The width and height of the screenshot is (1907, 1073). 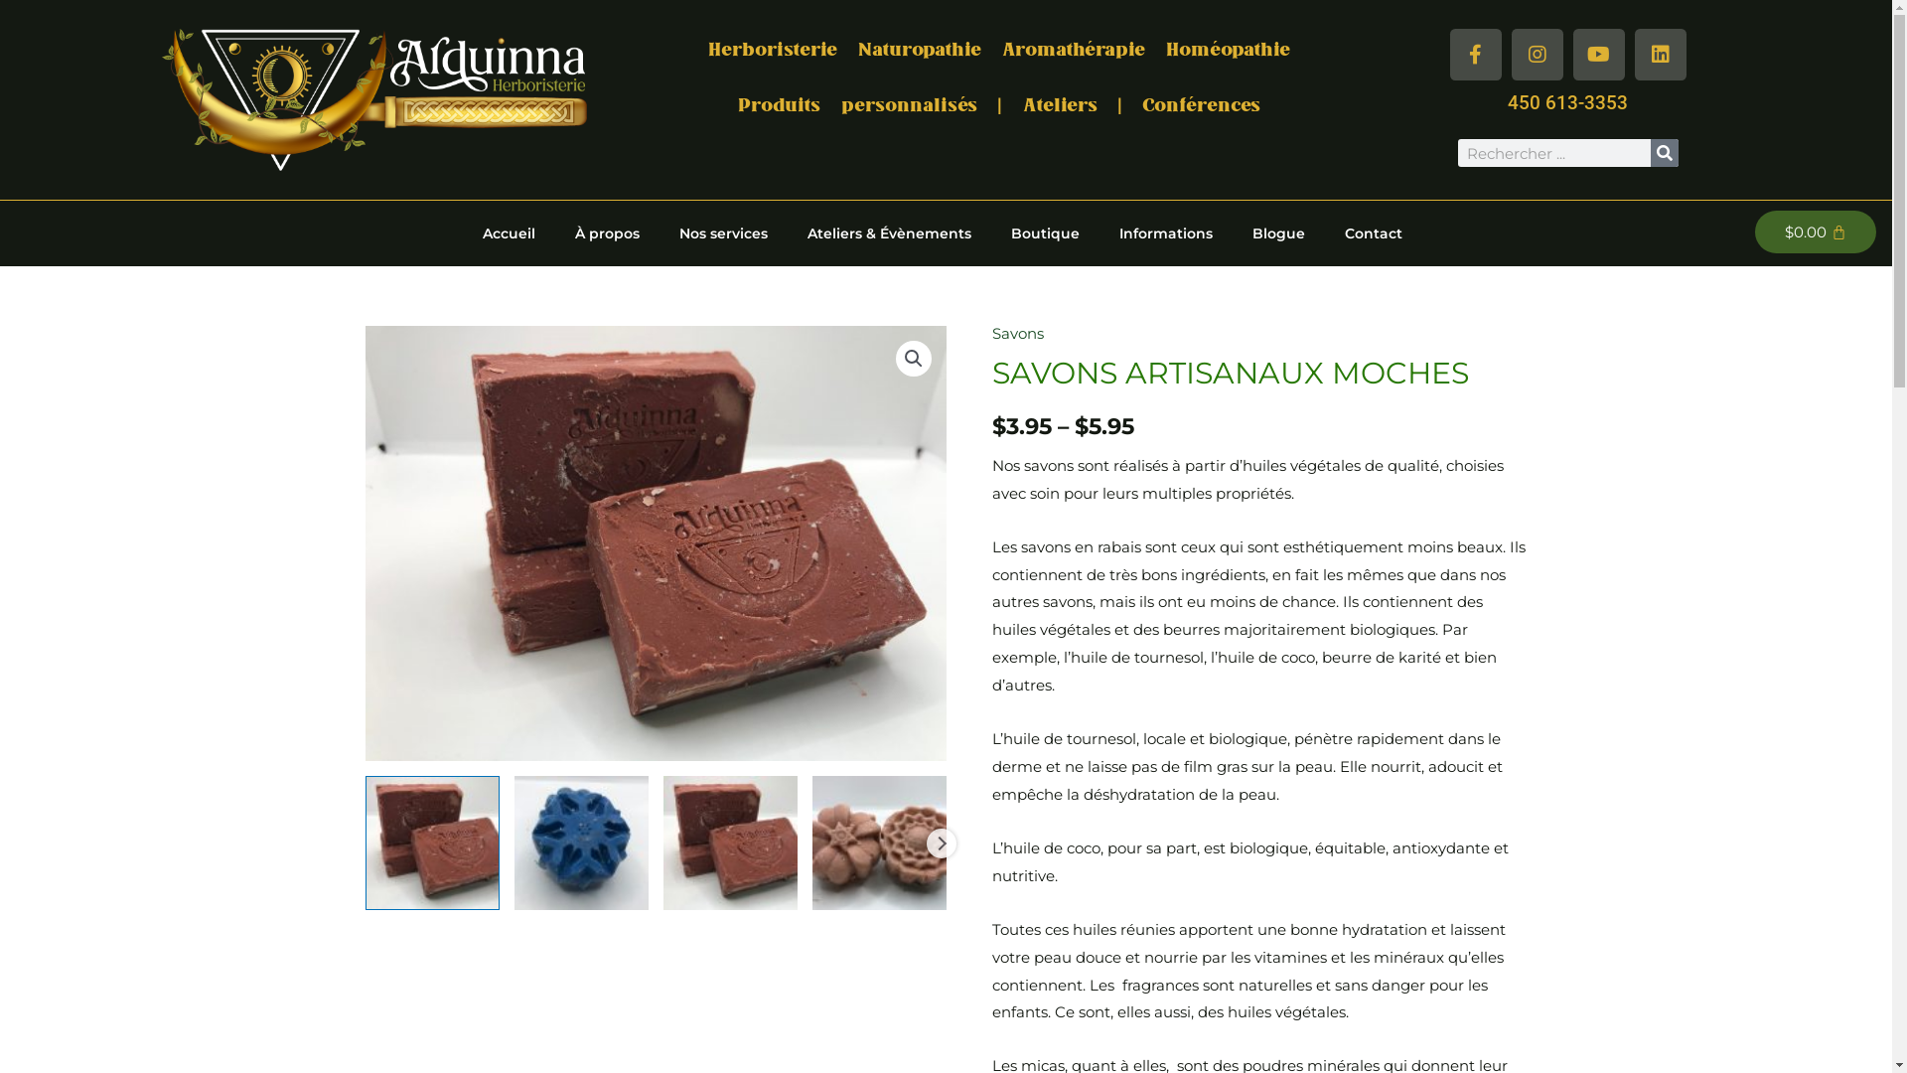 I want to click on 'Next', so click(x=939, y=843).